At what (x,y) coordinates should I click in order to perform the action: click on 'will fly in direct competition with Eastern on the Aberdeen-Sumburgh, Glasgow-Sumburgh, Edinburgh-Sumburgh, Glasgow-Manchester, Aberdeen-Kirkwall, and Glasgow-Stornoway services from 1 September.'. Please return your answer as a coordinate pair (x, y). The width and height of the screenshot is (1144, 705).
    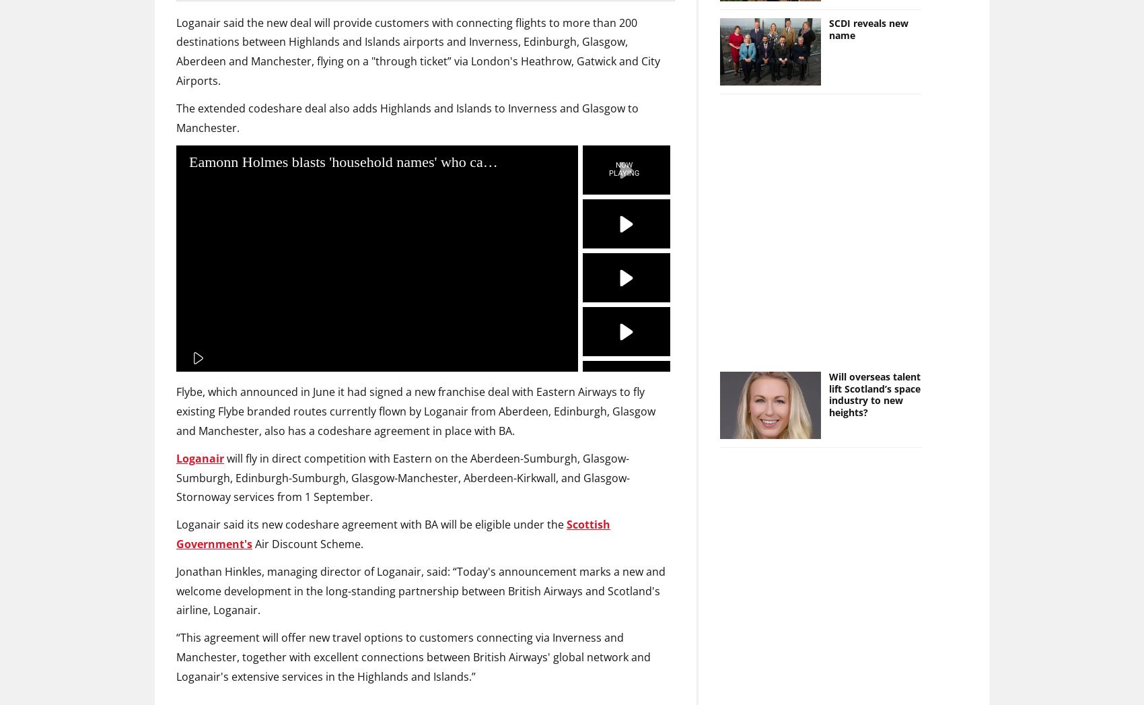
    Looking at the image, I should click on (402, 477).